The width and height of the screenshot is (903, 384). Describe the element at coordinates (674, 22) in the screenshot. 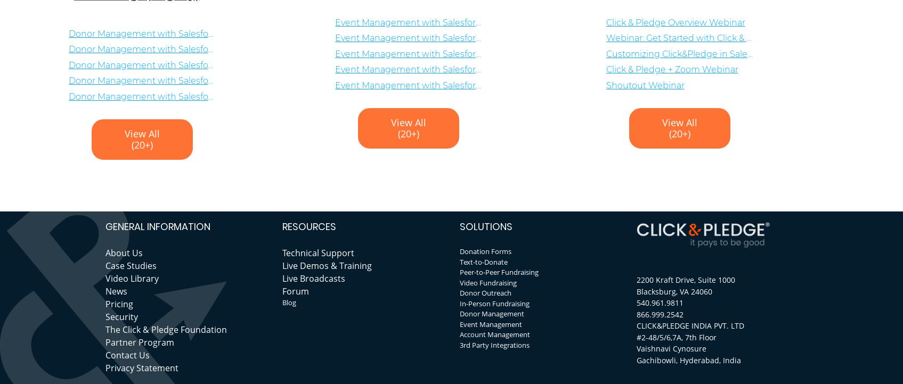

I see `'Click & Pledge Overview Webinar'` at that location.